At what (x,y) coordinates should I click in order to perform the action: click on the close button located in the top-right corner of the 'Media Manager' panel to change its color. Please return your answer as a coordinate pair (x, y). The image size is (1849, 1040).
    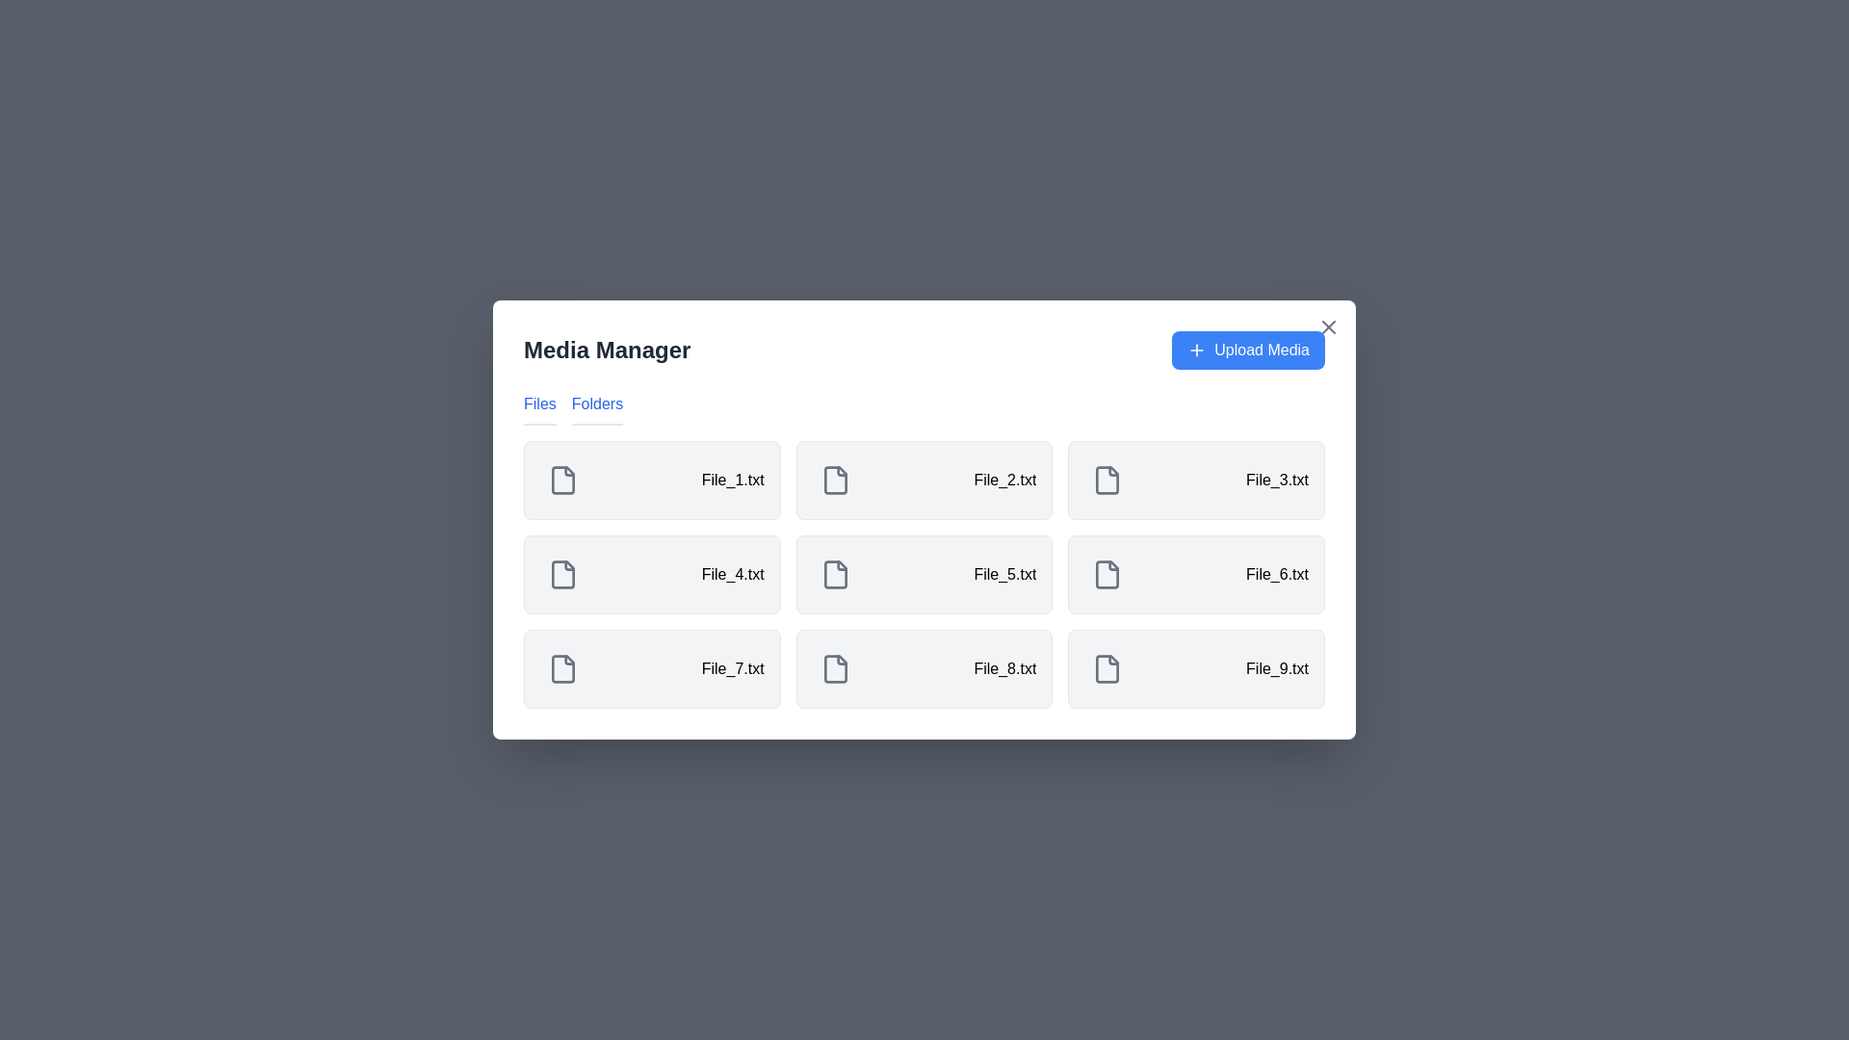
    Looking at the image, I should click on (1328, 325).